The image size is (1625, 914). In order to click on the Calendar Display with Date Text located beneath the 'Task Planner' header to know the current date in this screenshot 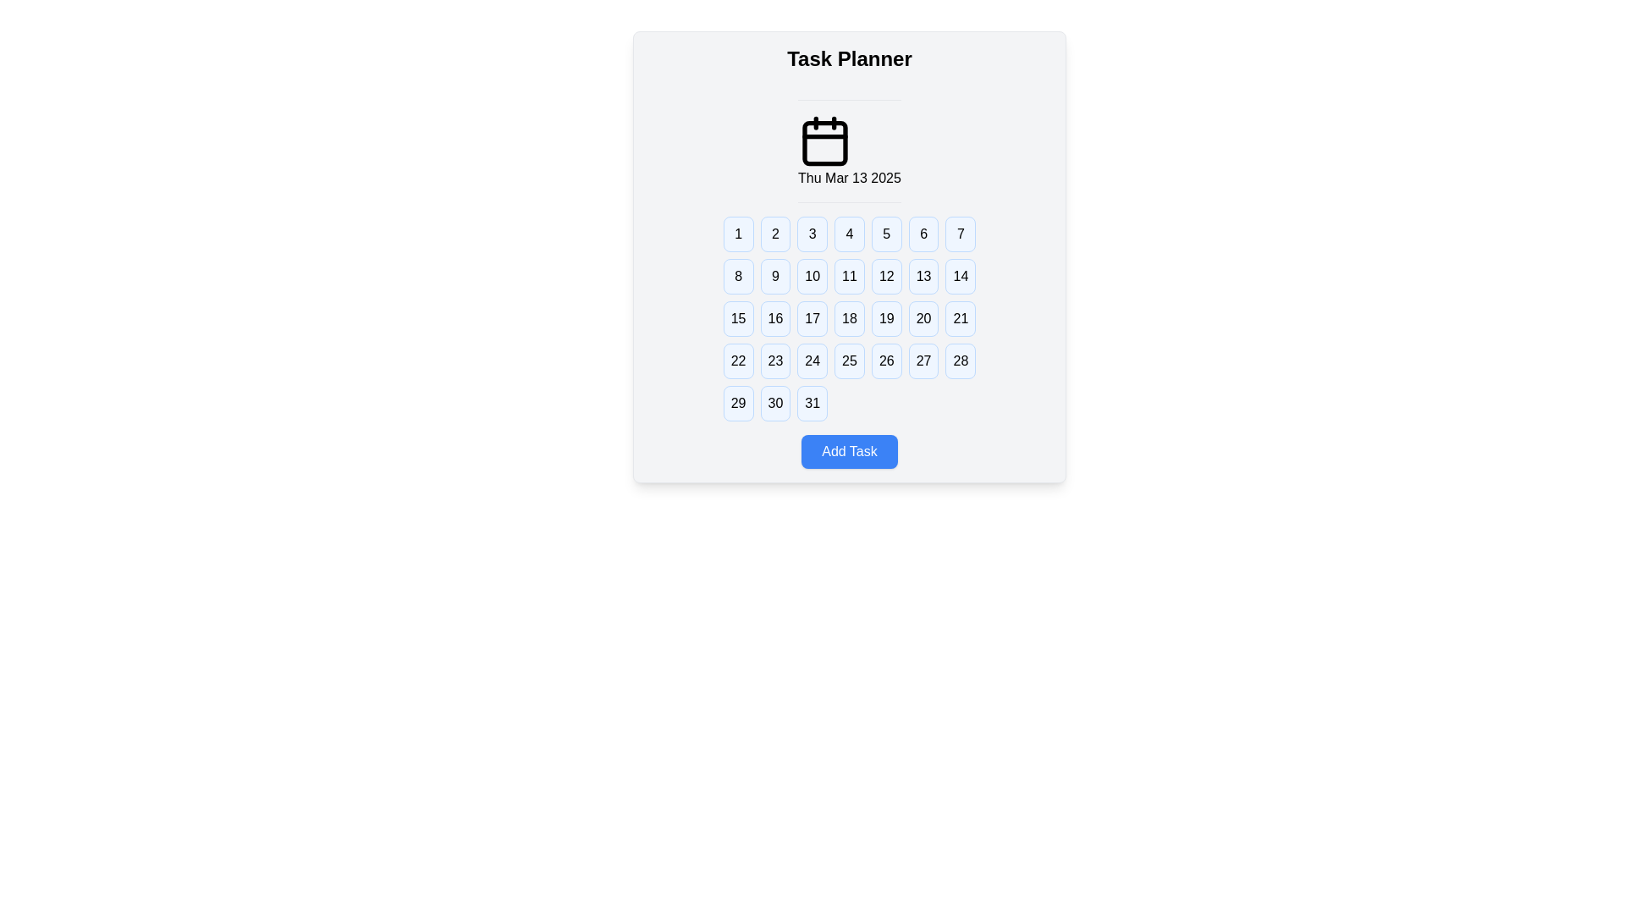, I will do `click(849, 150)`.